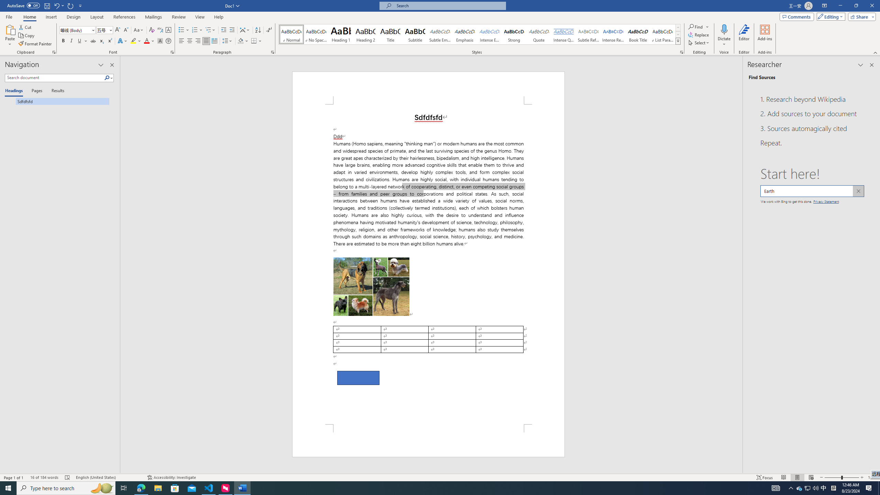  I want to click on 'Bold', so click(63, 41).